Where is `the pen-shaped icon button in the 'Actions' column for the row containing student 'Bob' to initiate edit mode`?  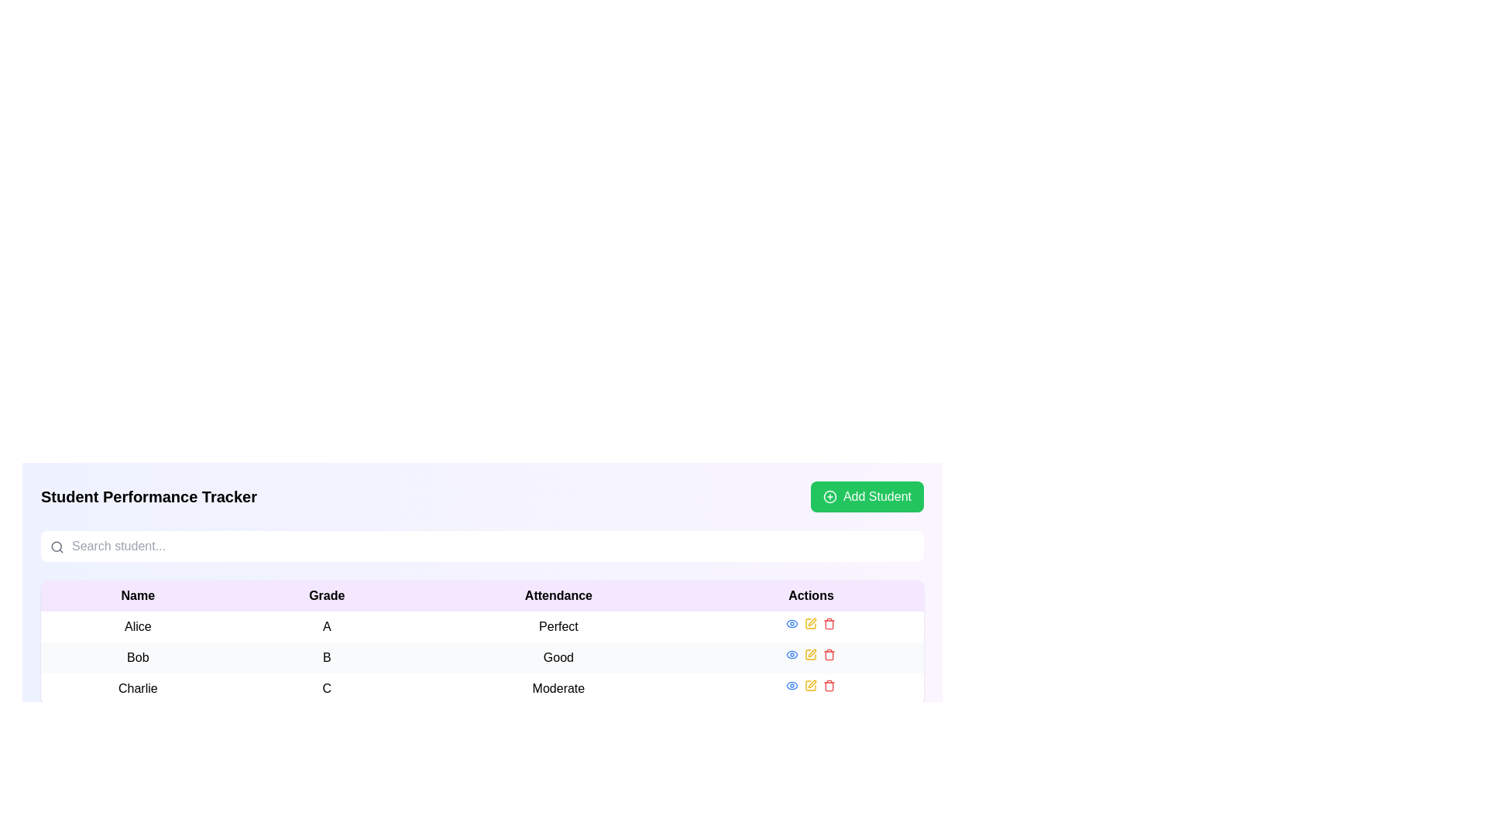
the pen-shaped icon button in the 'Actions' column for the row containing student 'Bob' to initiate edit mode is located at coordinates (812, 653).